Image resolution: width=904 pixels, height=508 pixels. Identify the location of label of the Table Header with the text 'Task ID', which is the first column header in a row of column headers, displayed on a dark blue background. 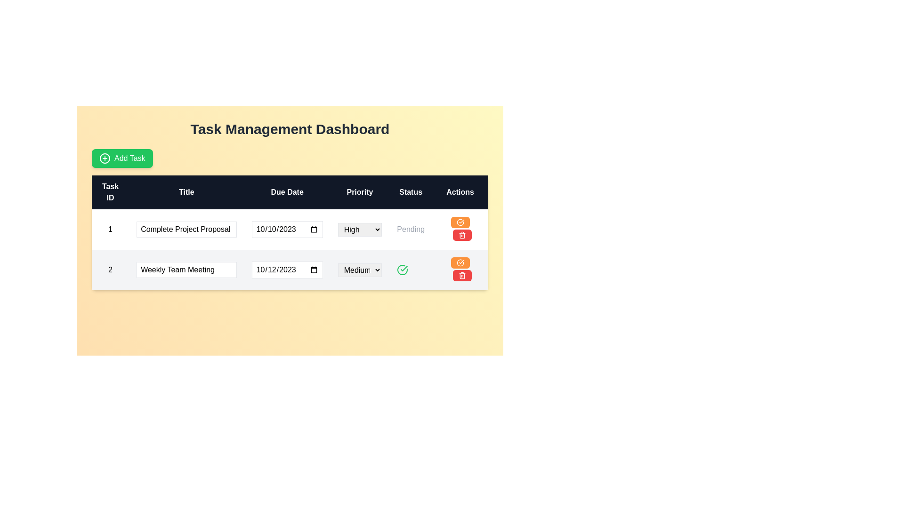
(110, 191).